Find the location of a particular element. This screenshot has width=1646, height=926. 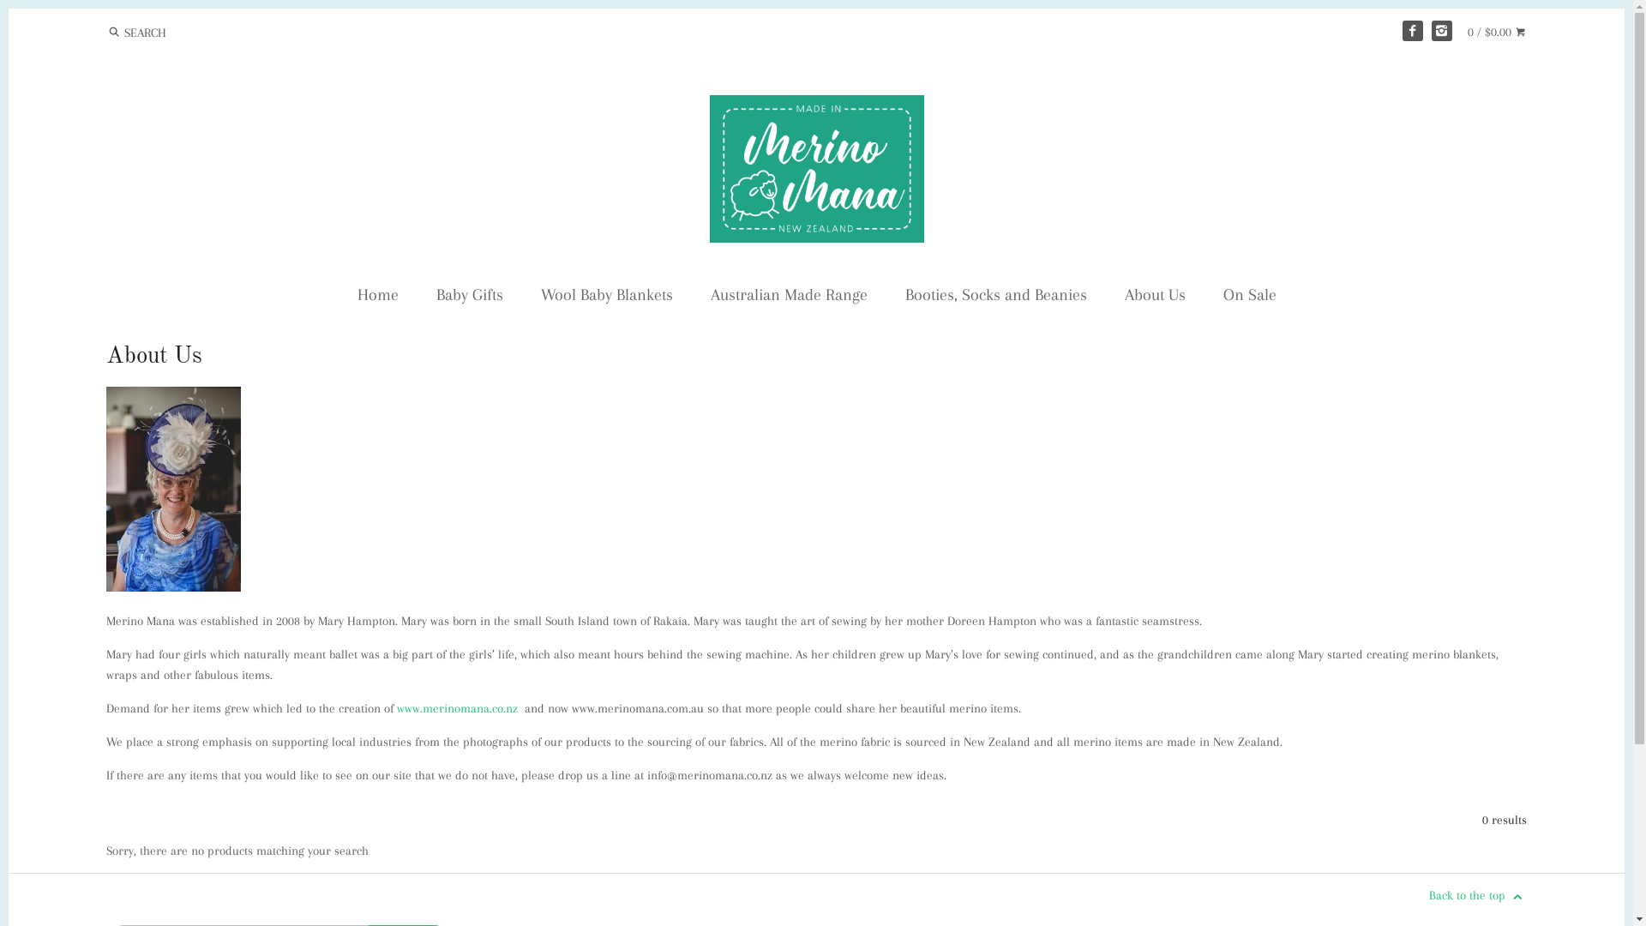

'Wool Baby Blankets' is located at coordinates (521, 297).